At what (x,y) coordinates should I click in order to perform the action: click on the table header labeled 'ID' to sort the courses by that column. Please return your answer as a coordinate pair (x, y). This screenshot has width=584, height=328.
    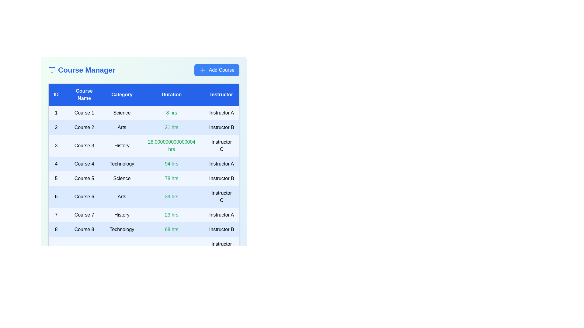
    Looking at the image, I should click on (56, 94).